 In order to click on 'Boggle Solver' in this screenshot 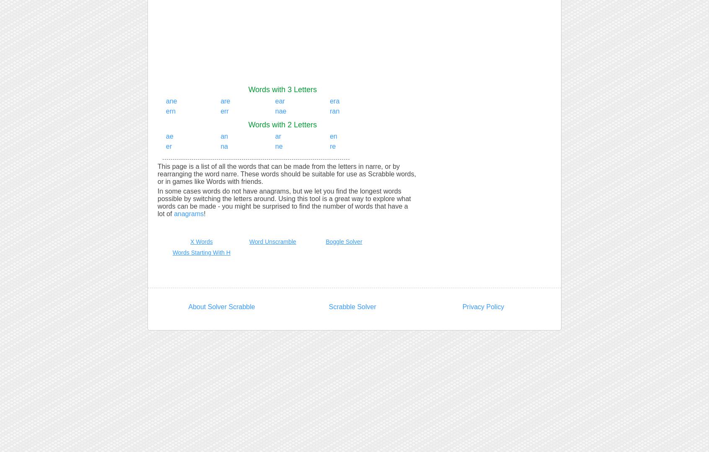, I will do `click(344, 241)`.